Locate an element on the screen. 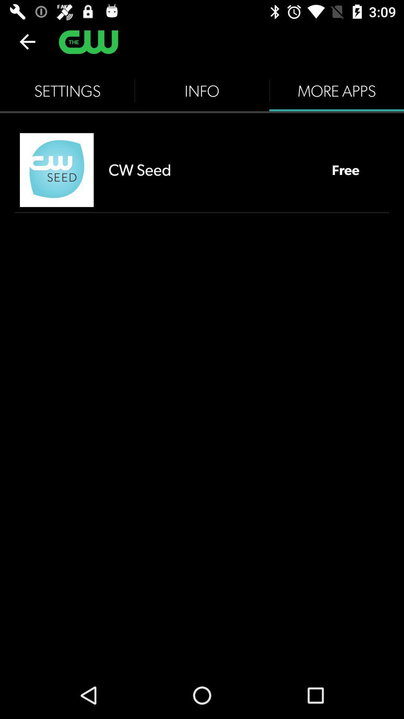 The width and height of the screenshot is (404, 719). the settings is located at coordinates (67, 91).